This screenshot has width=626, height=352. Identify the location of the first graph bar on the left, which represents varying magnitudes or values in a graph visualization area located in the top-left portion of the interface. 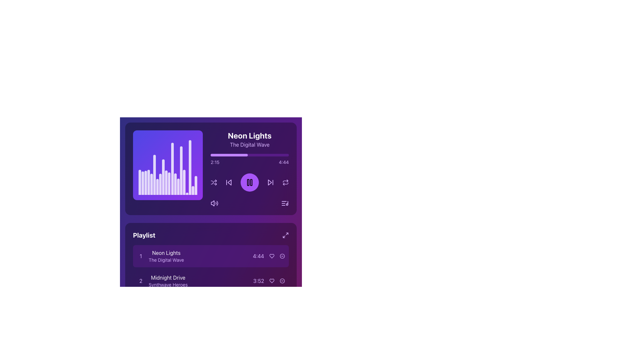
(139, 182).